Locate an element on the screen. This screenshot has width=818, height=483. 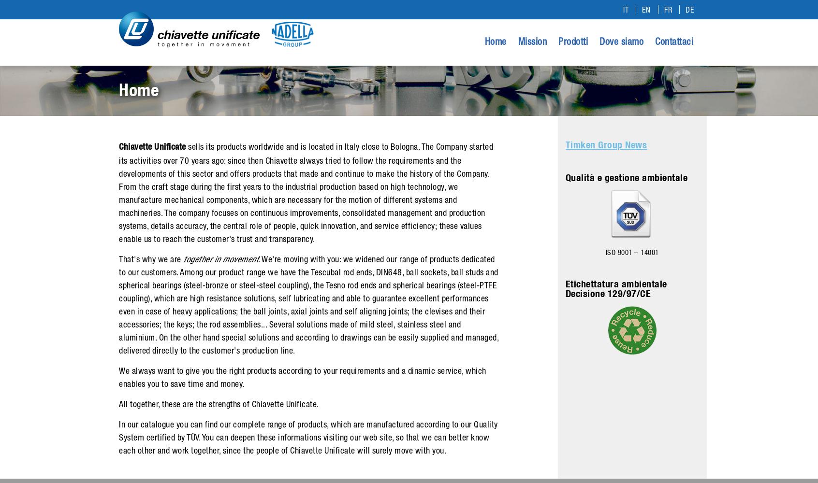
'Etichettatura ambientale Decisione 129/97/CE' is located at coordinates (615, 288).